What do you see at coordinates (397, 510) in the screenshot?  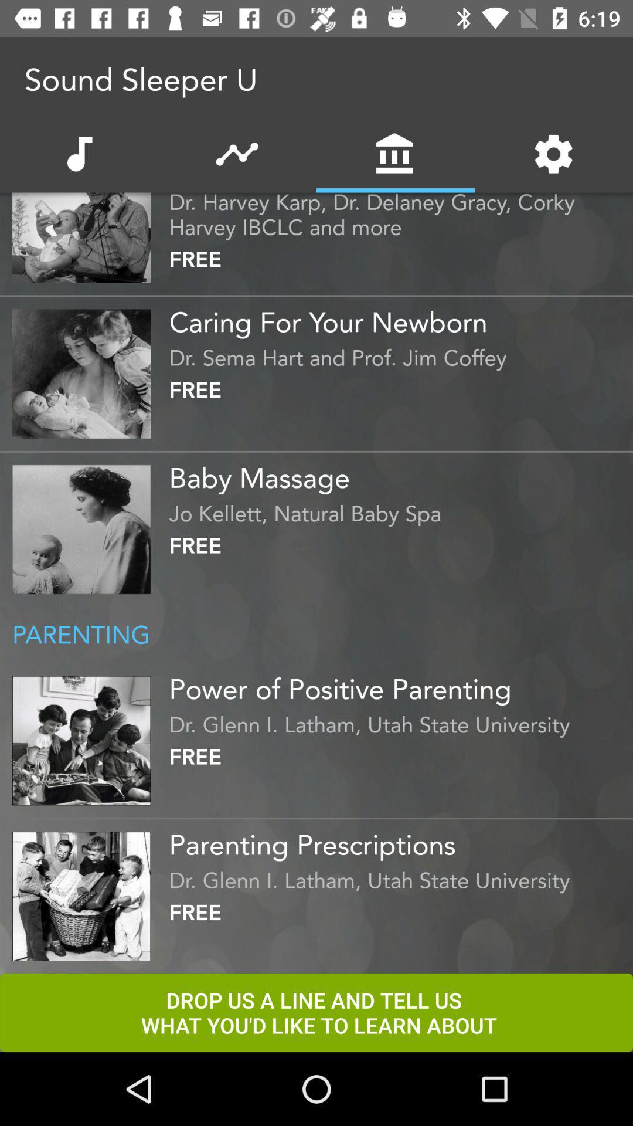 I see `icon below the baby massage icon` at bounding box center [397, 510].